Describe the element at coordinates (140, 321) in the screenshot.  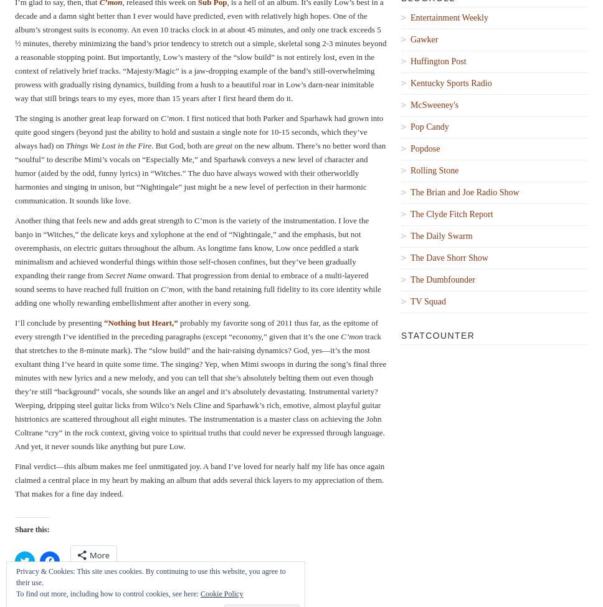
I see `'“Nothing but Heart,”'` at that location.